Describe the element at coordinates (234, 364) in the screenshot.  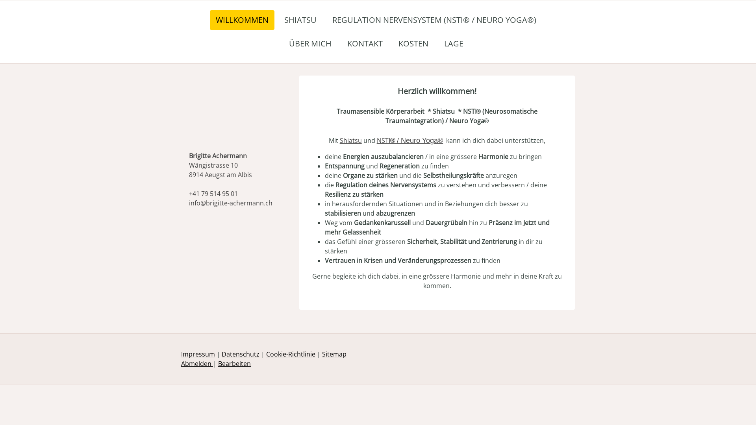
I see `'Bearbeiten'` at that location.